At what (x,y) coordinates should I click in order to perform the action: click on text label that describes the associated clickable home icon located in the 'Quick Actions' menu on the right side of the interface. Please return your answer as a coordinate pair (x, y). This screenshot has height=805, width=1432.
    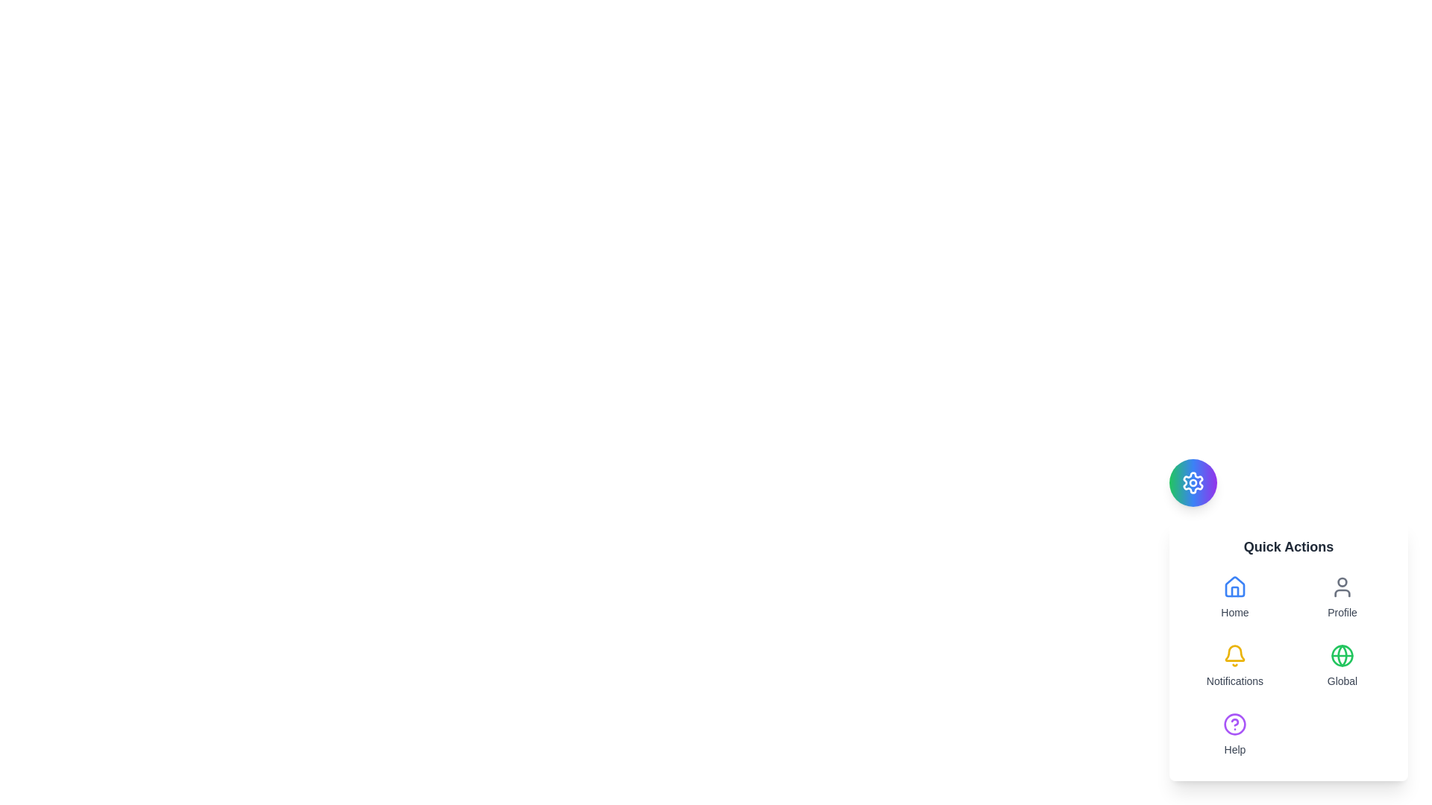
    Looking at the image, I should click on (1235, 612).